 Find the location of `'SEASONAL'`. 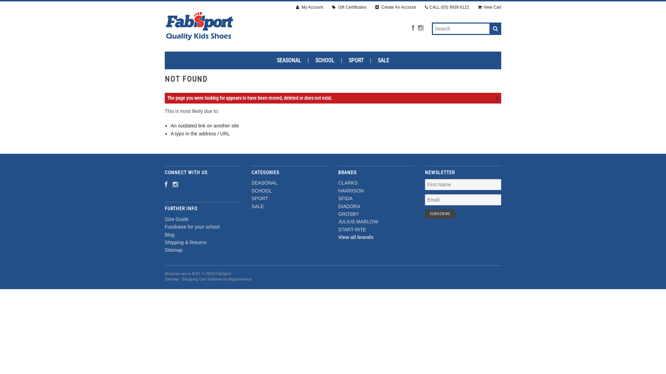

'SEASONAL' is located at coordinates (264, 182).